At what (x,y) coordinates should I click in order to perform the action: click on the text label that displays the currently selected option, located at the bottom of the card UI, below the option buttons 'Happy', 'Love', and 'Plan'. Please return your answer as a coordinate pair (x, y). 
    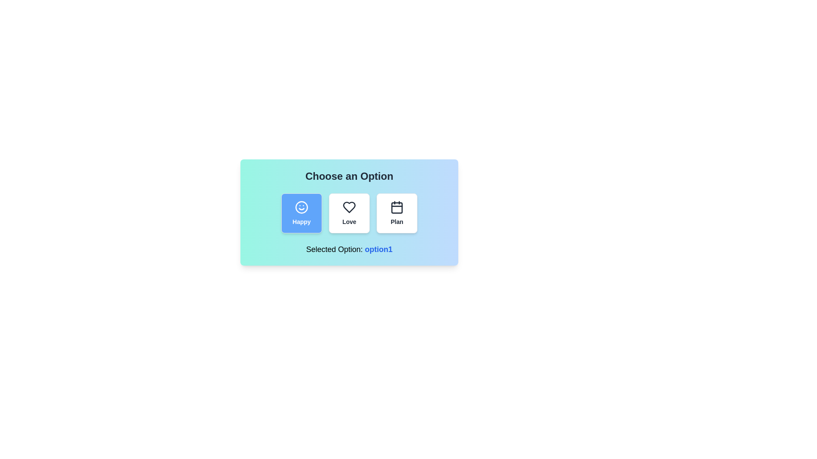
    Looking at the image, I should click on (349, 249).